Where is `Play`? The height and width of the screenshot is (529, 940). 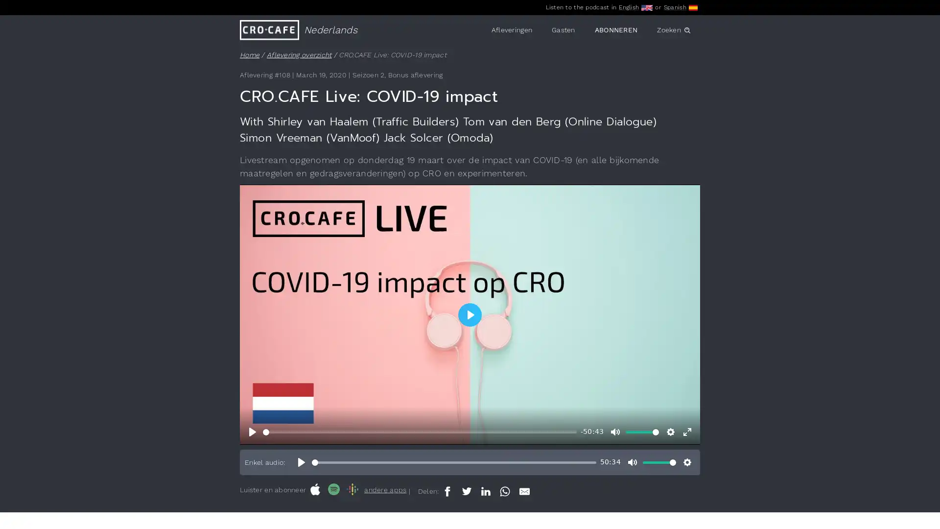 Play is located at coordinates (301, 462).